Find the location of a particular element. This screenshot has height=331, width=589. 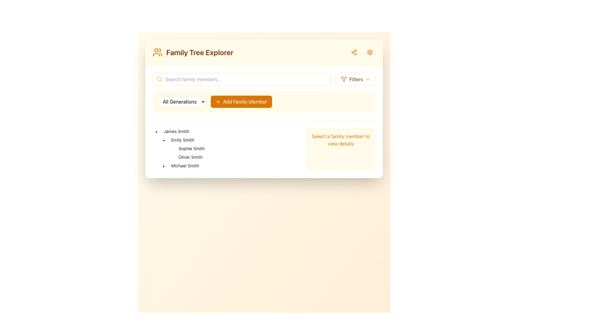

the indentation marker for the tree node labeled 'Sophie Smith' to indicate its hierarchical level in the tree structure is located at coordinates (160, 149).